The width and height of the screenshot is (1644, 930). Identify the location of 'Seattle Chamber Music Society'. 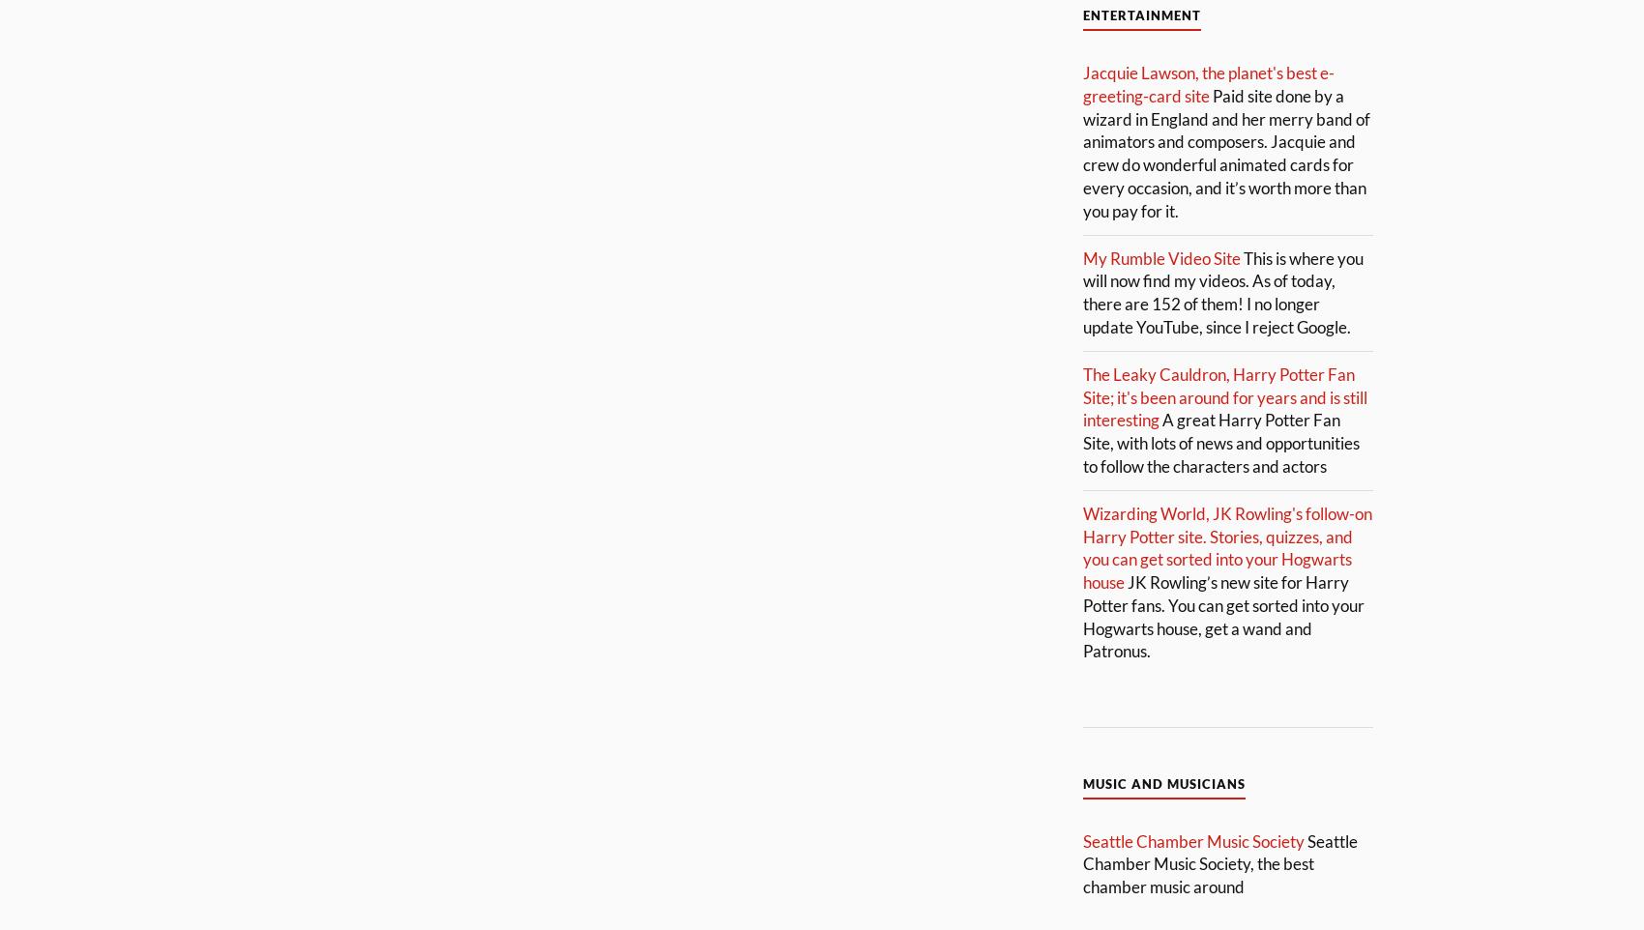
(1192, 839).